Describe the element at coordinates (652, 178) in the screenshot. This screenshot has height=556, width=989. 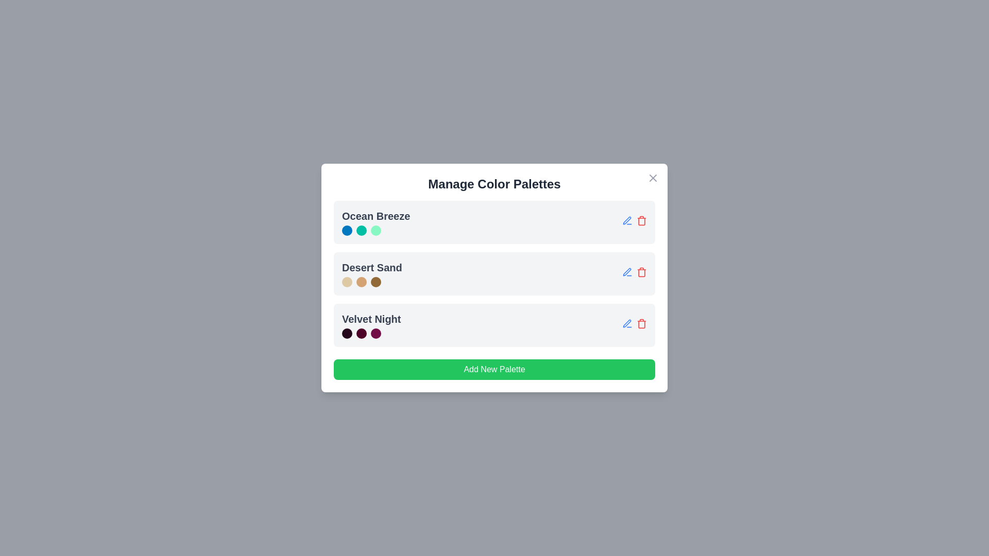
I see `the close button in the top-right corner of the dialog box` at that location.